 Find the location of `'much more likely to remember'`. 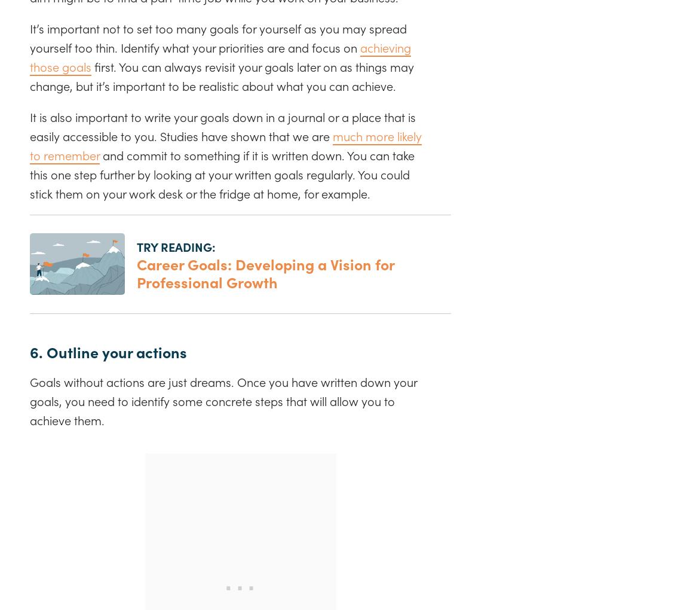

'much more likely to remember' is located at coordinates (29, 145).